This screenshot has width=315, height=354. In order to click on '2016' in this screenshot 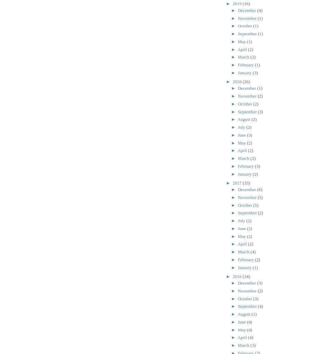, I will do `click(237, 276)`.